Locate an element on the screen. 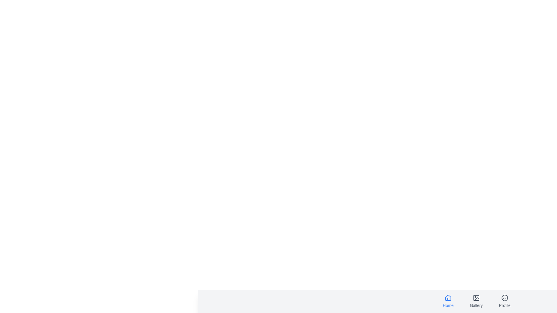 The image size is (557, 313). the text label Profile of the navigation item is located at coordinates (504, 305).